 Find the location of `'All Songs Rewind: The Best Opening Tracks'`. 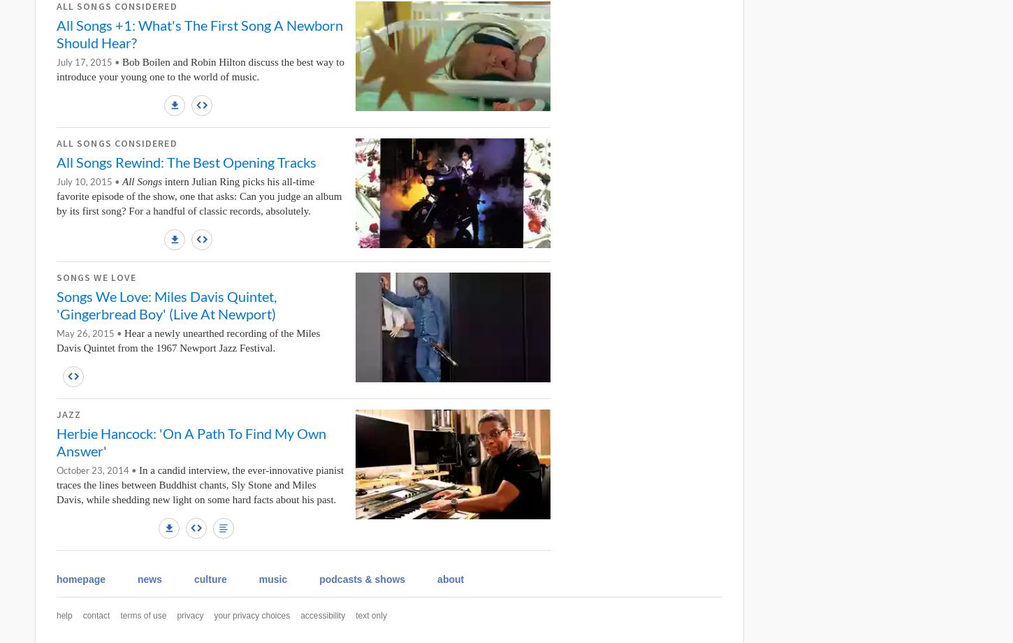

'All Songs Rewind: The Best Opening Tracks' is located at coordinates (186, 161).